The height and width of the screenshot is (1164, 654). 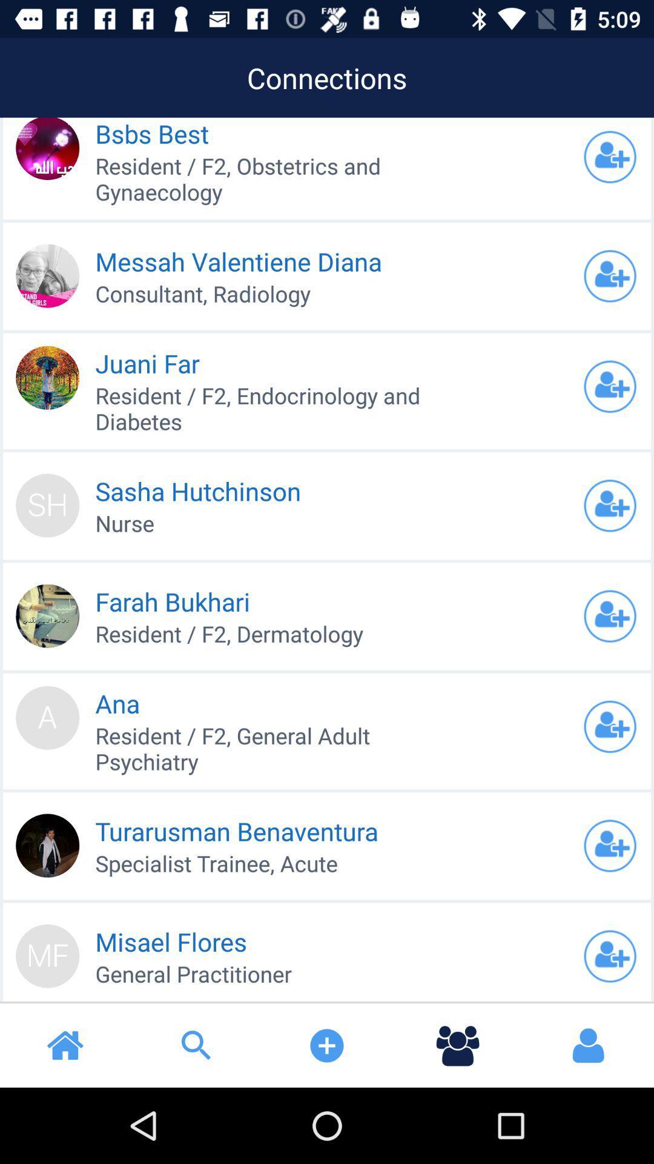 I want to click on open profile, so click(x=610, y=955).